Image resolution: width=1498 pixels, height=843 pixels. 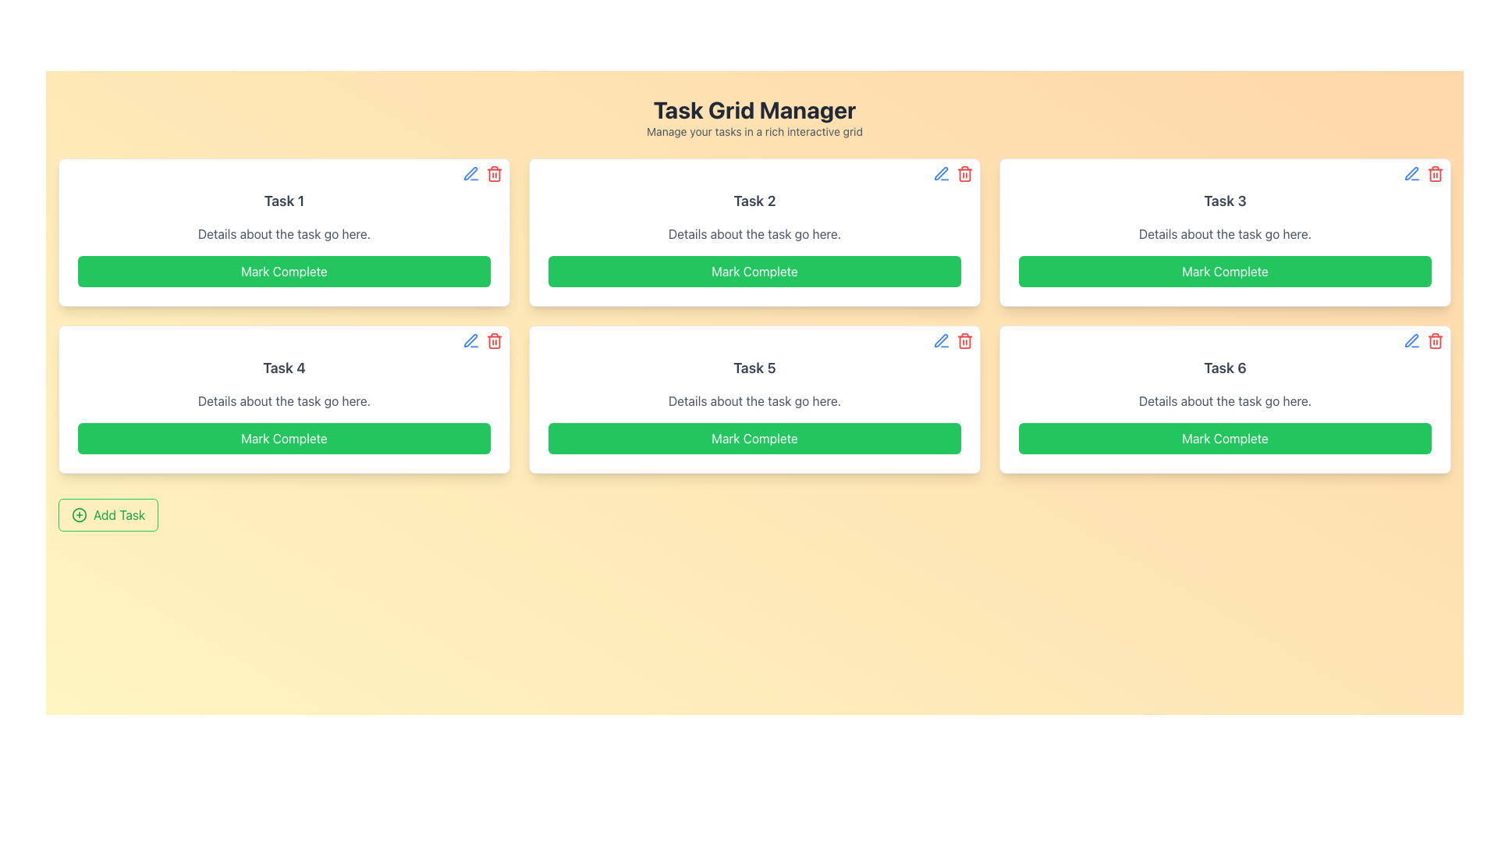 I want to click on the main title text label at the top-center of the interface, which indicates the application's purpose, so click(x=754, y=109).